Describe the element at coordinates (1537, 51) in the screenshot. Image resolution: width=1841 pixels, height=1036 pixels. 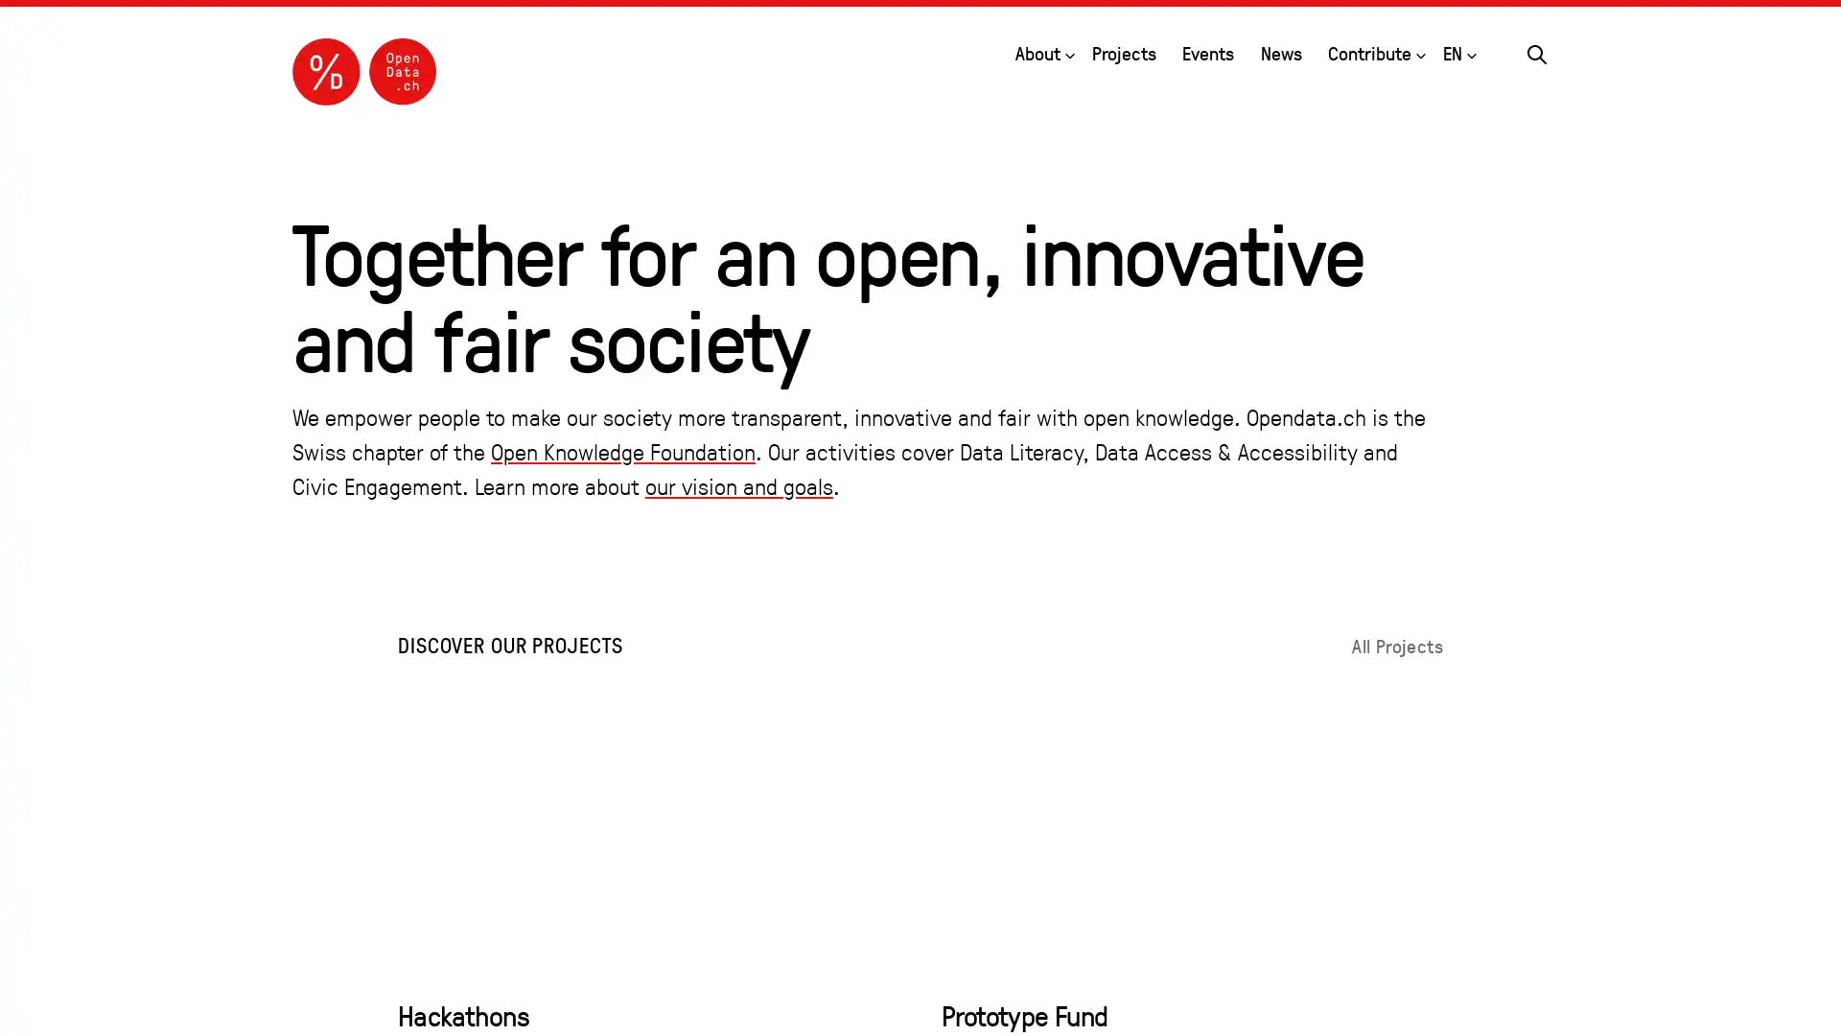
I see `Search` at that location.